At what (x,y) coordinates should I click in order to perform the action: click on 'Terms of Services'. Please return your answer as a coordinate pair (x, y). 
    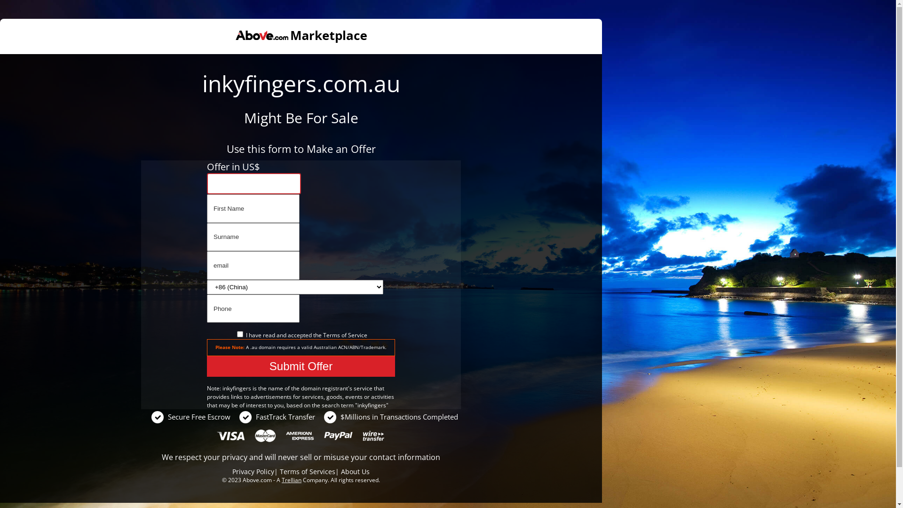
    Looking at the image, I should click on (307, 471).